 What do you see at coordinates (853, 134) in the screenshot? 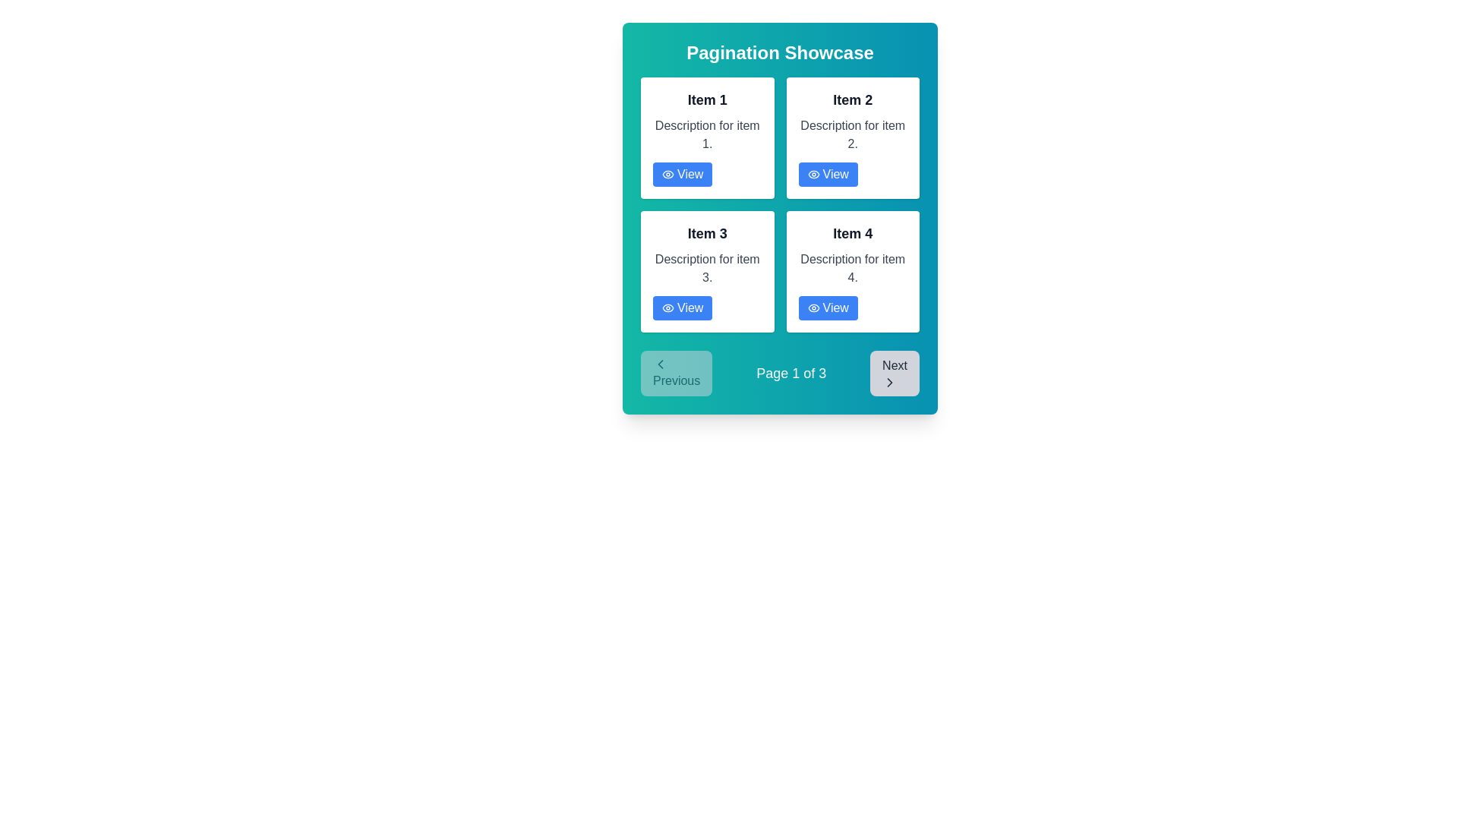
I see `the text block that provides a description for 'Item 2', located in the second card of the top right corner of a 2x2 grid, situated below the title and above the 'View' button` at bounding box center [853, 134].